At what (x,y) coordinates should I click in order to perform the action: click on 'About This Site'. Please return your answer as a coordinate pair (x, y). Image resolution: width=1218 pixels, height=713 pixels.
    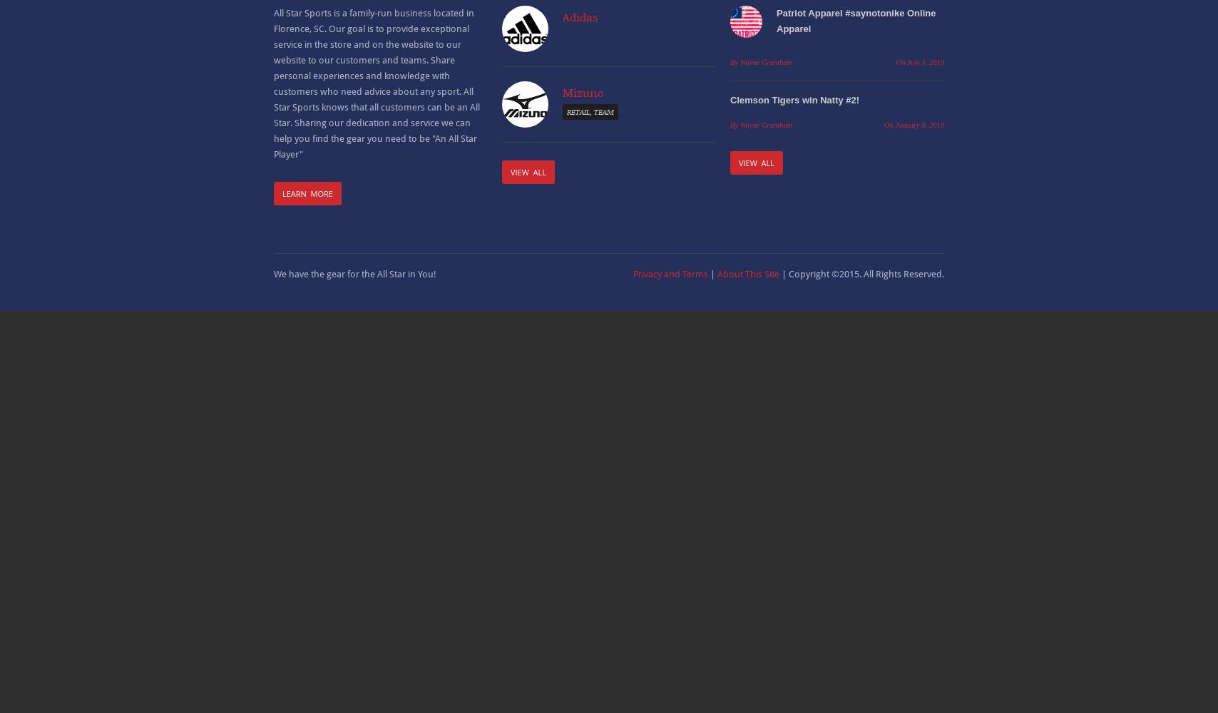
    Looking at the image, I should click on (748, 274).